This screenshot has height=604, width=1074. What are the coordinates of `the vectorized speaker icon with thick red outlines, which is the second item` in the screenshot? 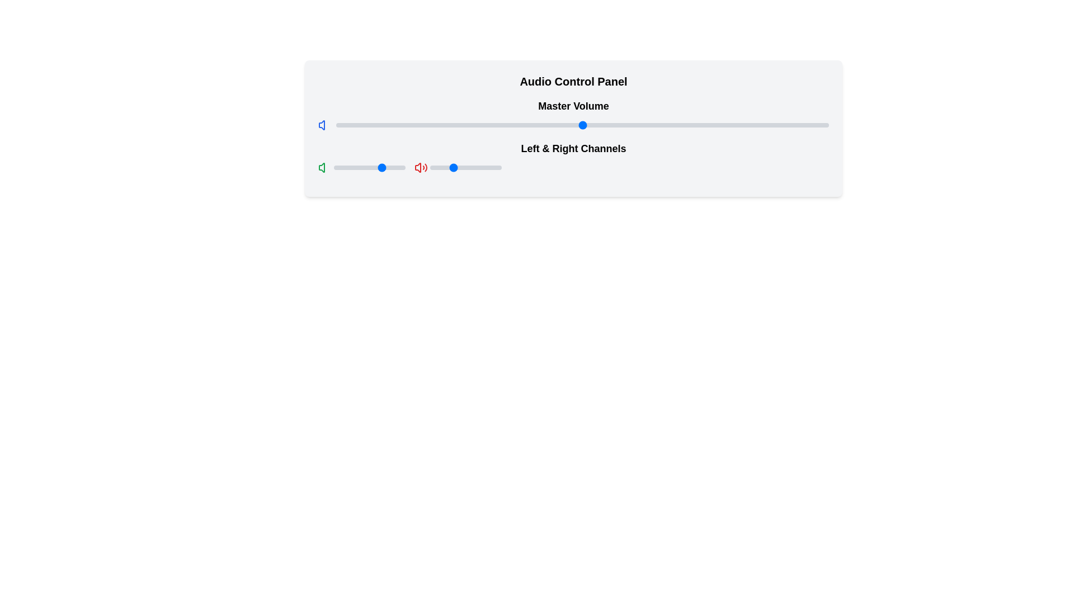 It's located at (421, 168).